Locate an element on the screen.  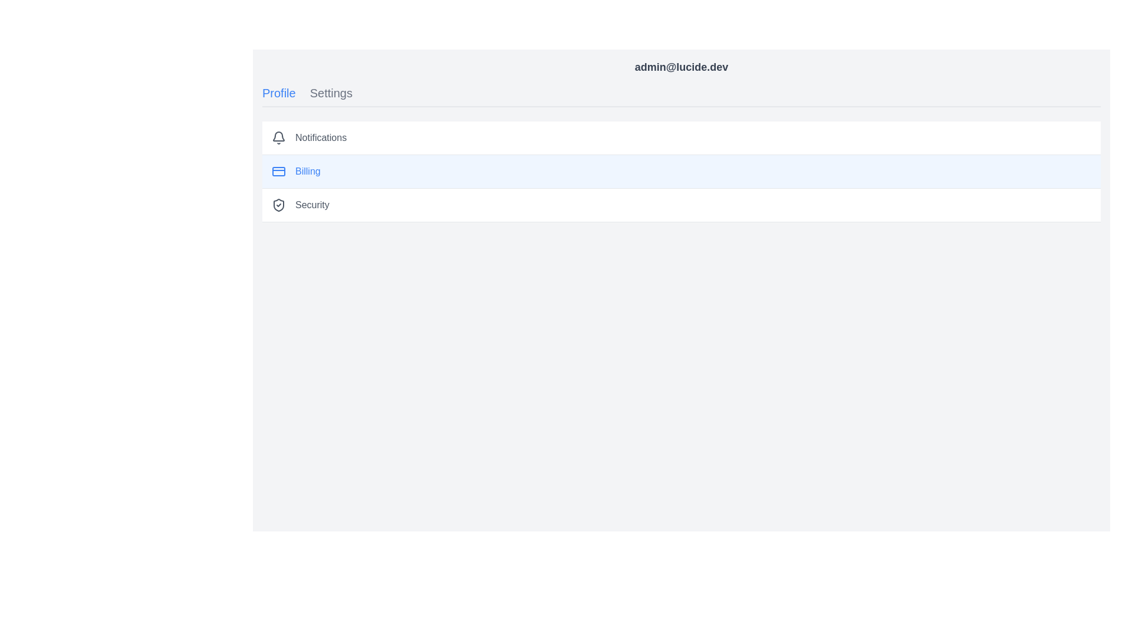
the billing section represented is located at coordinates (278, 171).